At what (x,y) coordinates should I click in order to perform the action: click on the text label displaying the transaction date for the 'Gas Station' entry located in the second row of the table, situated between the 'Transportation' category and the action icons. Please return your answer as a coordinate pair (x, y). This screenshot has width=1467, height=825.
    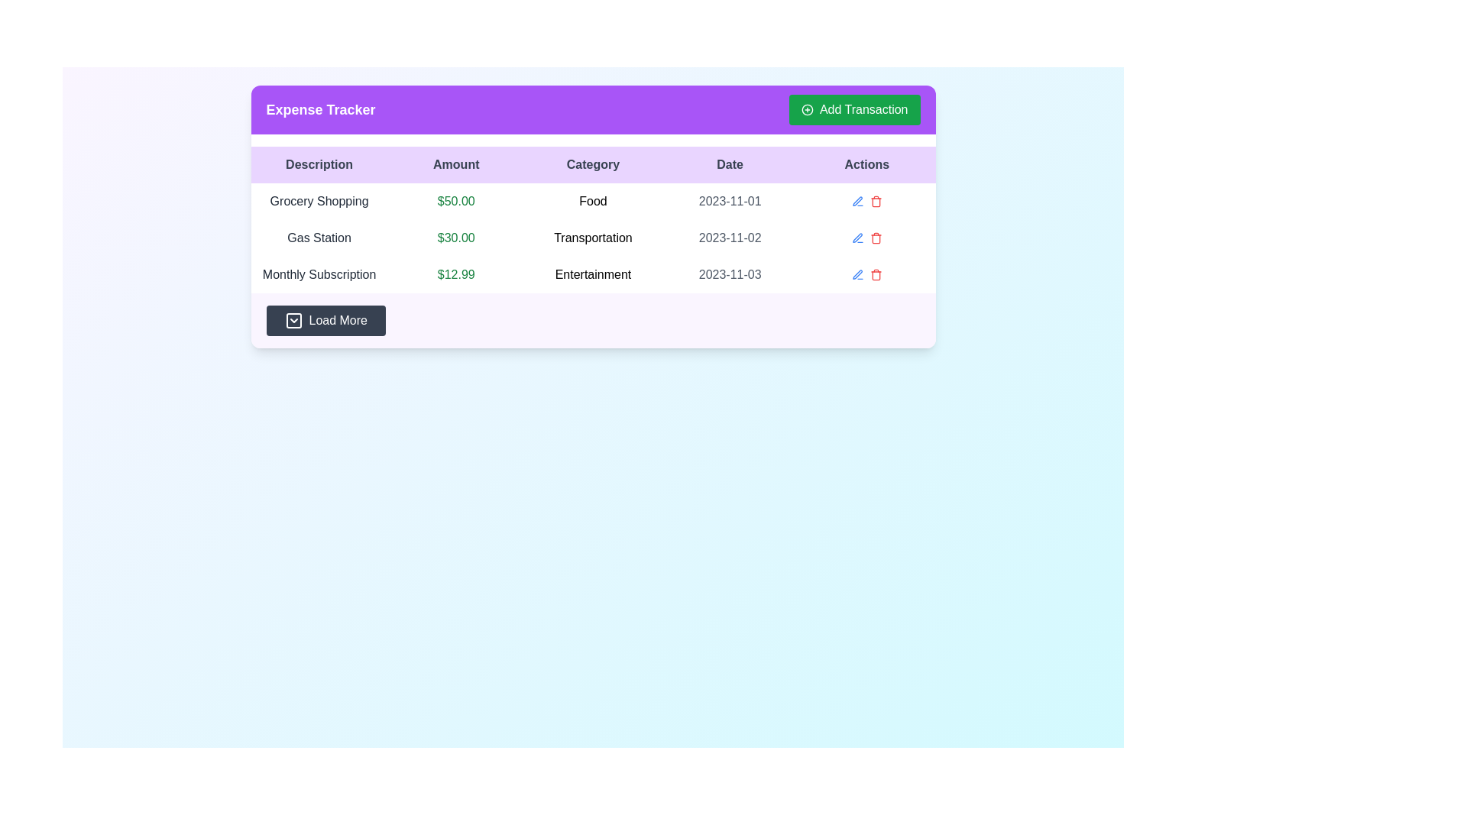
    Looking at the image, I should click on (729, 238).